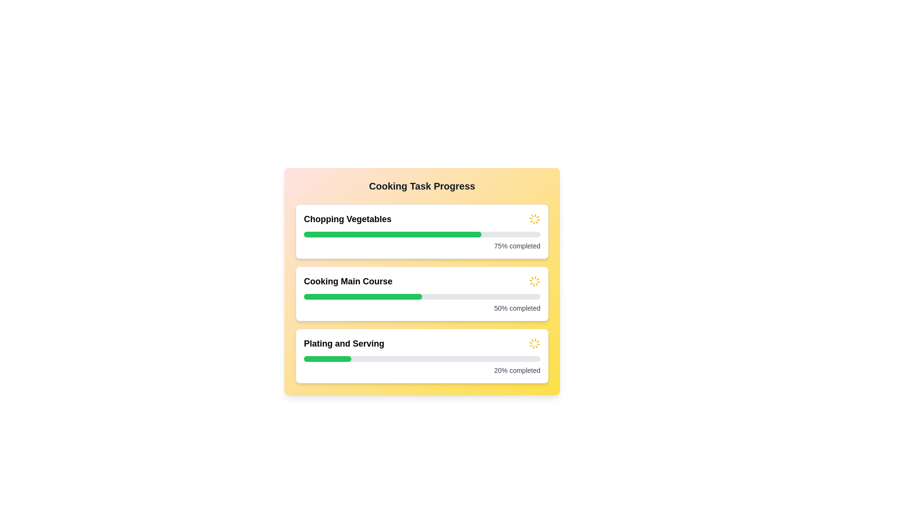 The width and height of the screenshot is (919, 517). What do you see at coordinates (422, 359) in the screenshot?
I see `the horizontal progress bar located in the 'Plating and Serving' section, which is below the title 'Plating and Serving' and above the text '20% completed.'` at bounding box center [422, 359].